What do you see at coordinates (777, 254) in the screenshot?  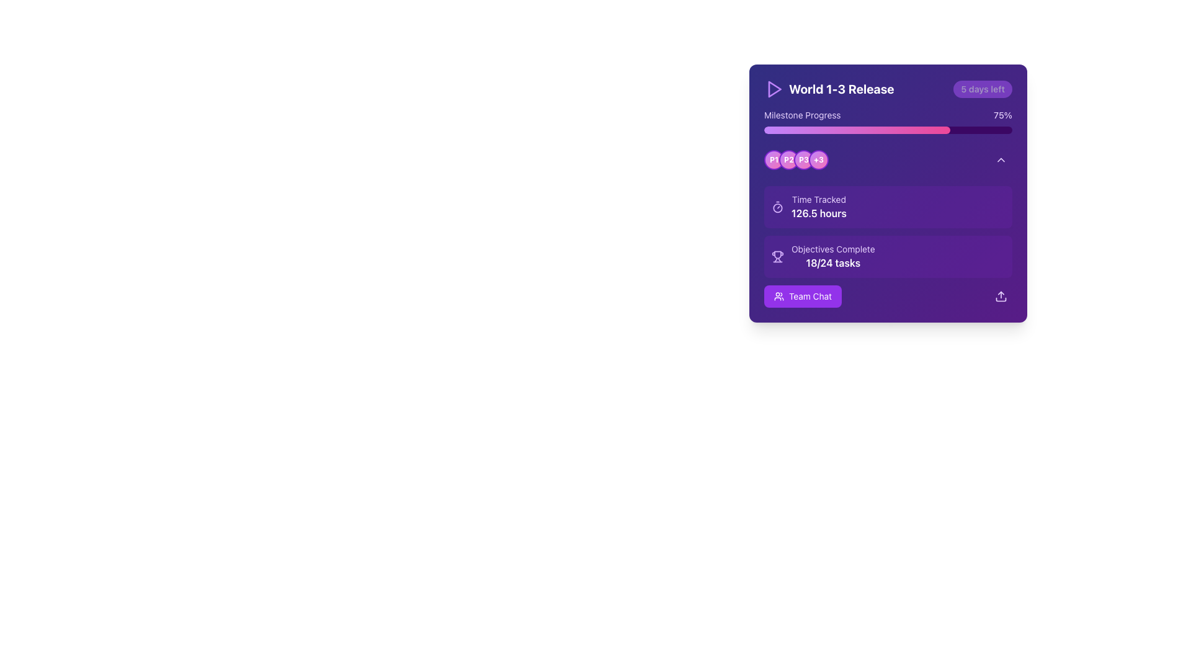 I see `the stylized trophy icon, which is a purple vector graphic located above the text indicating complete objectives in the status information list` at bounding box center [777, 254].